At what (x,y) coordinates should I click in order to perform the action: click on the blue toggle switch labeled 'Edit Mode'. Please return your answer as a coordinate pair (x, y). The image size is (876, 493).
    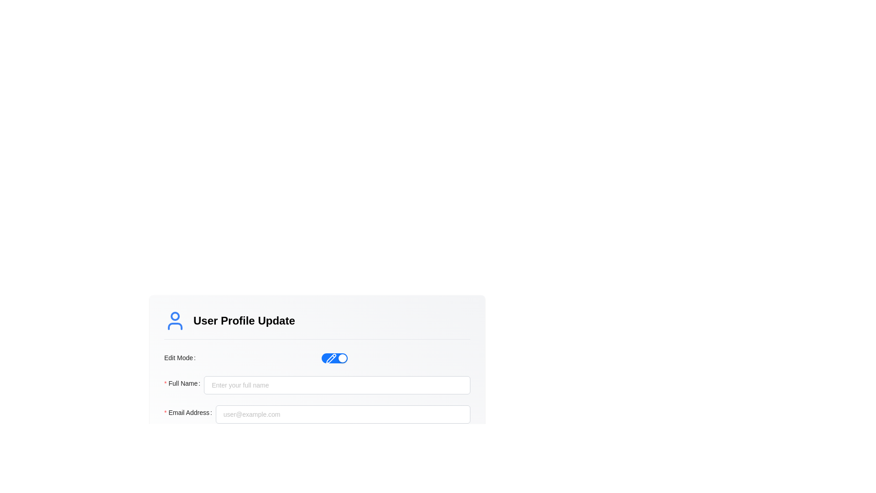
    Looking at the image, I should click on (334, 357).